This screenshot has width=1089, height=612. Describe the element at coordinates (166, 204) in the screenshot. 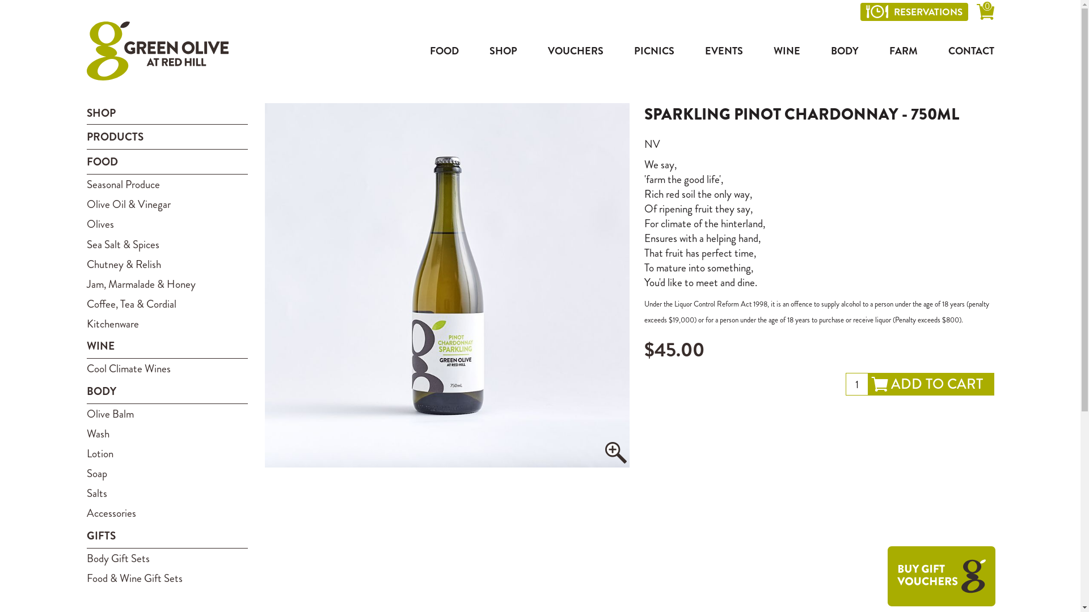

I see `'Olive Oil & Vinegar'` at that location.